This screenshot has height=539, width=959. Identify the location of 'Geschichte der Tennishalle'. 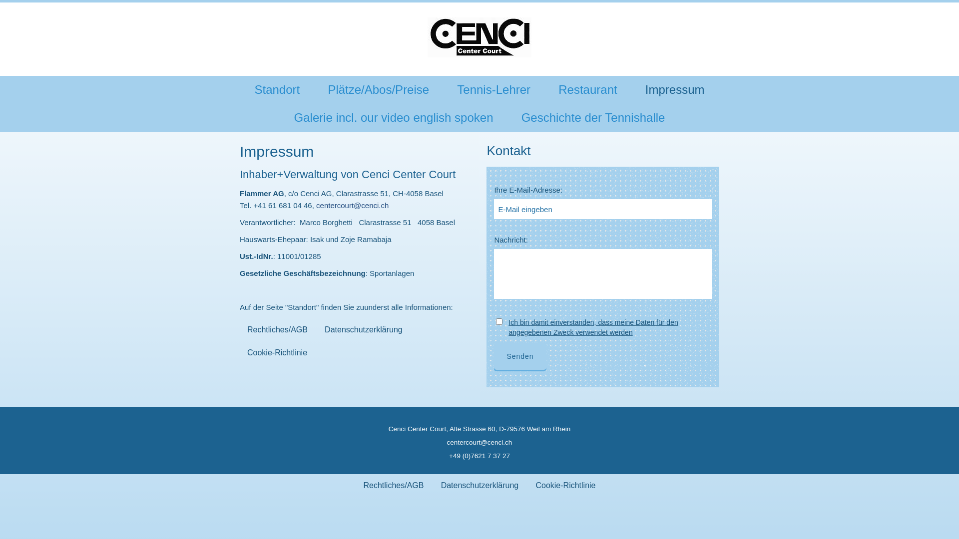
(593, 117).